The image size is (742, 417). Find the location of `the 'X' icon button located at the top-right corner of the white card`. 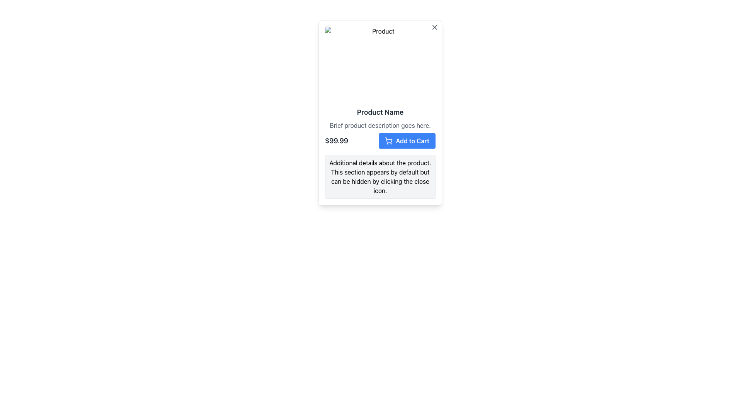

the 'X' icon button located at the top-right corner of the white card is located at coordinates (434, 27).